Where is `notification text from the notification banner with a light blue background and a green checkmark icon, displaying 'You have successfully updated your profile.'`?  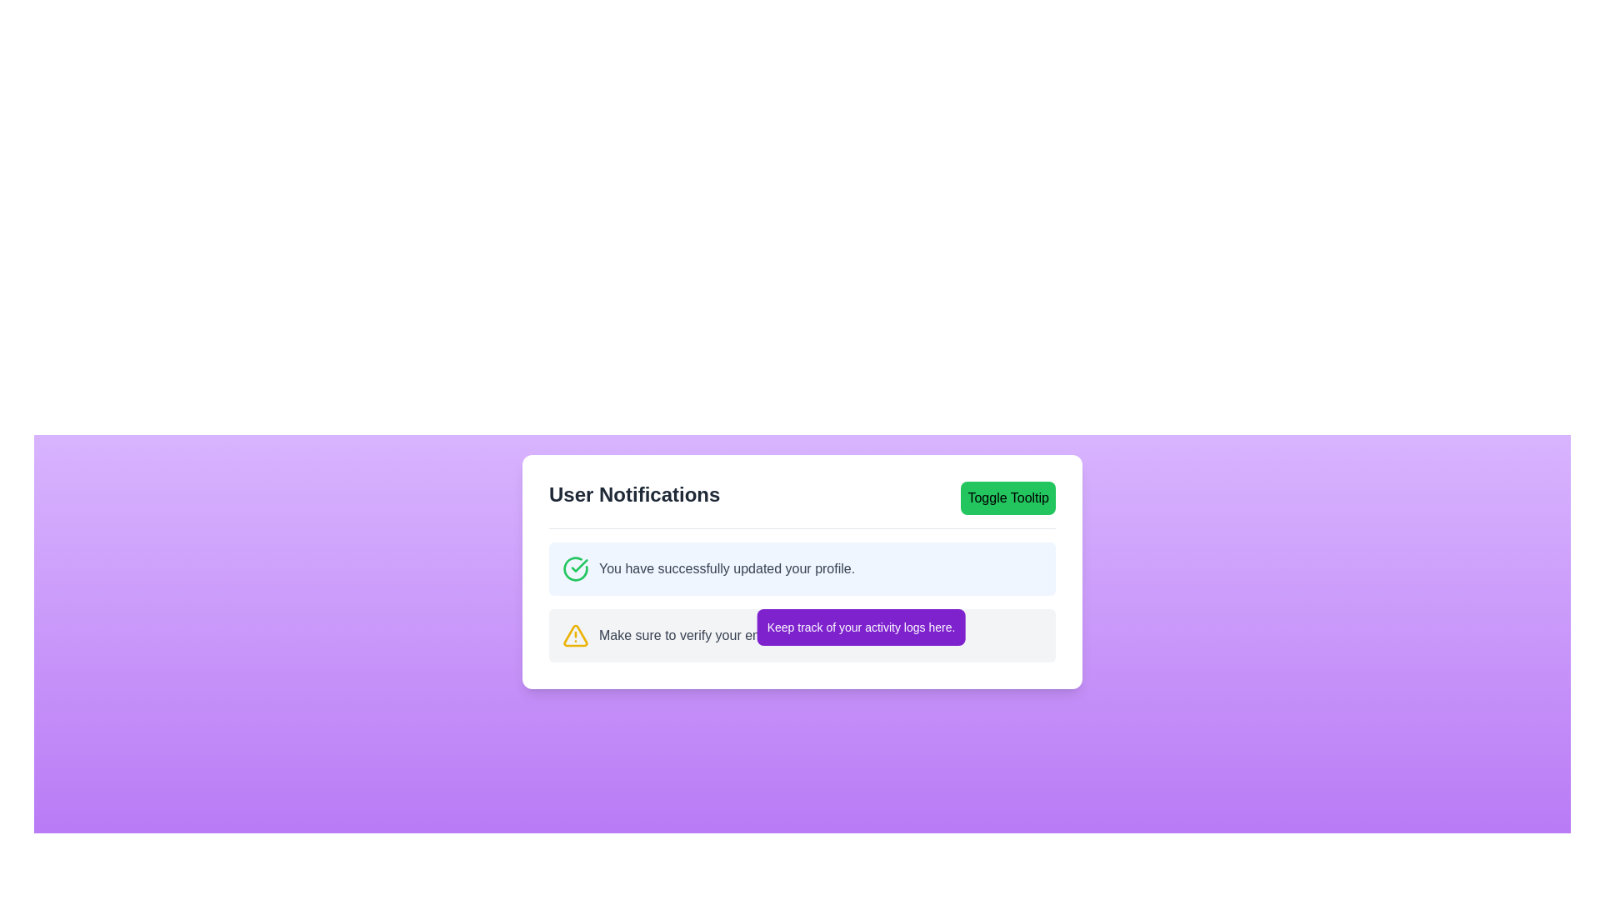
notification text from the notification banner with a light blue background and a green checkmark icon, displaying 'You have successfully updated your profile.' is located at coordinates (802, 567).